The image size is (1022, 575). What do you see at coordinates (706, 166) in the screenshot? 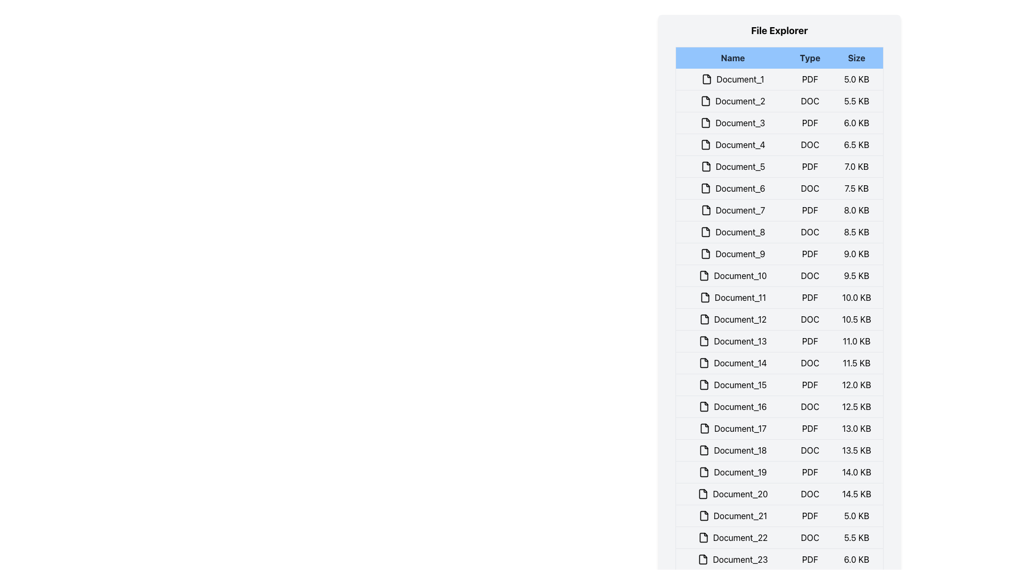
I see `the file type icon for 'Document_5' in the file explorer list, which visually identifies the document category` at bounding box center [706, 166].